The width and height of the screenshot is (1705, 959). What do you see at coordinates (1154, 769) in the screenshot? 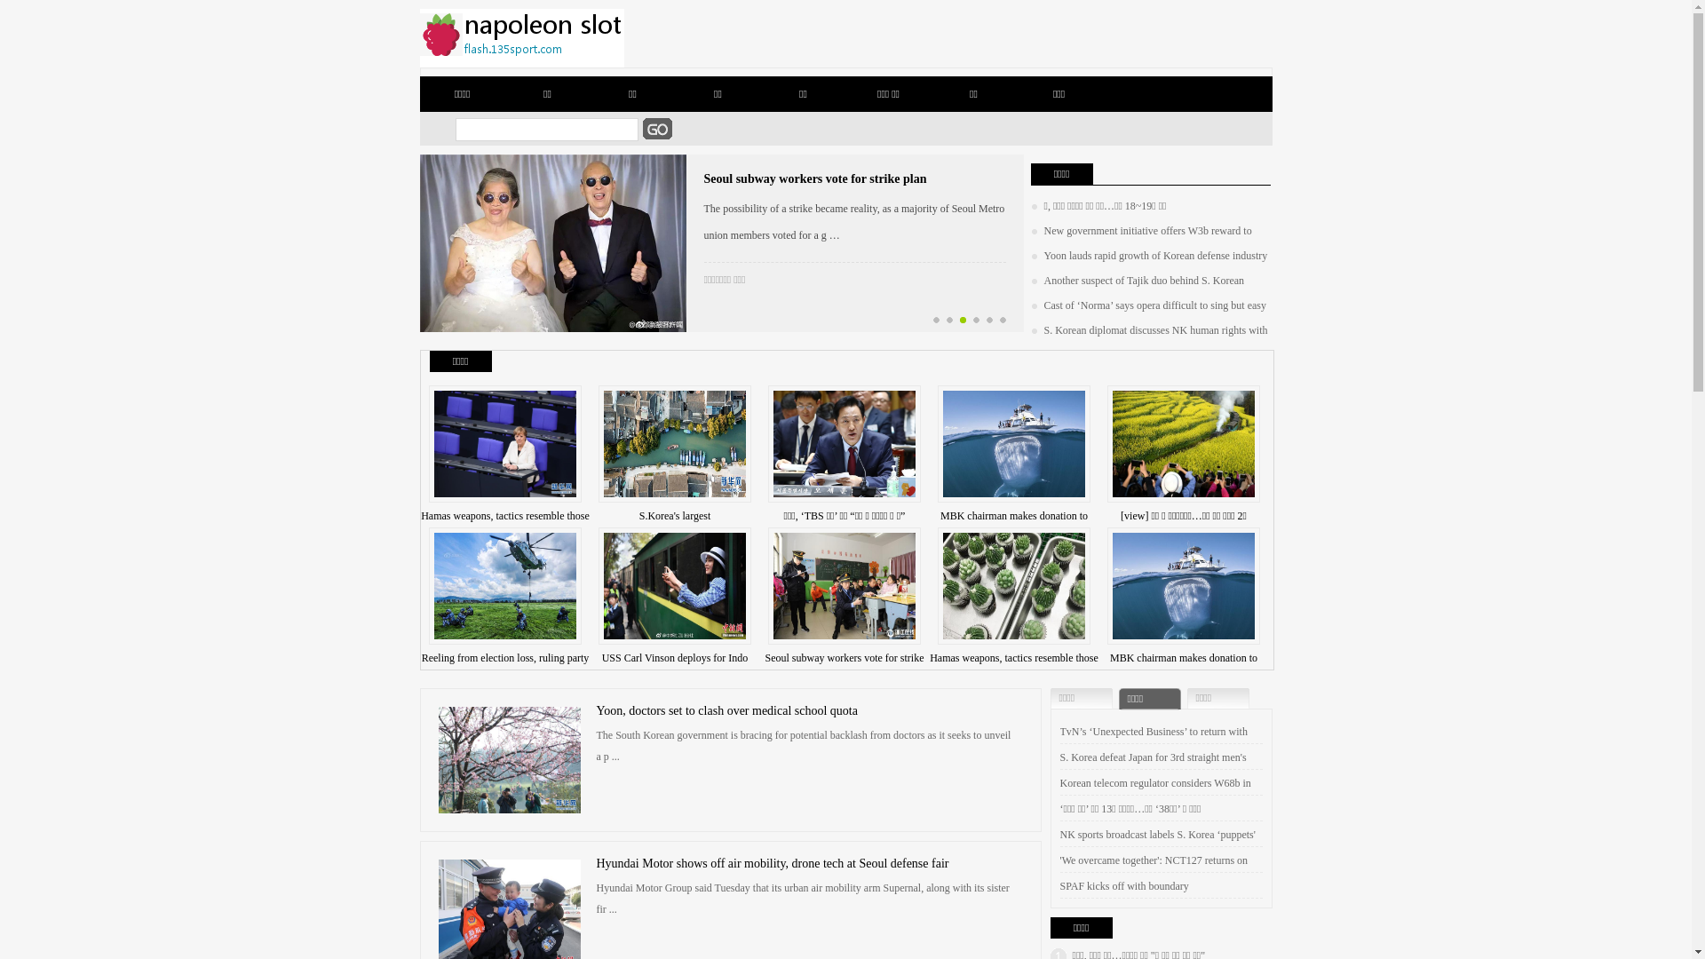
I see `'S. Korea defeat Japan for 3rd straight men's football gold'` at bounding box center [1154, 769].